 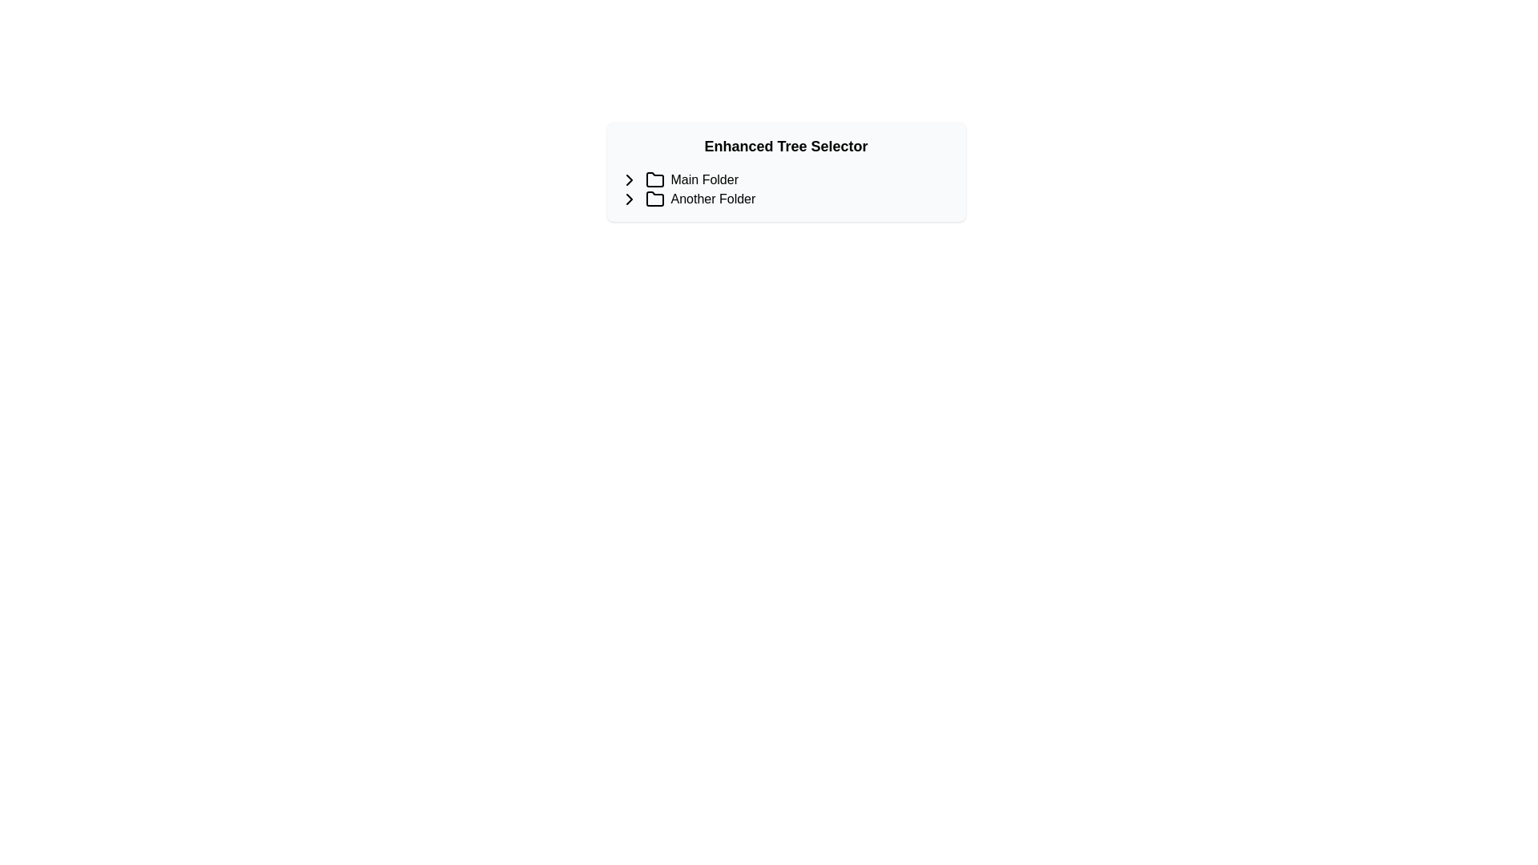 What do you see at coordinates (654, 198) in the screenshot?
I see `the second folder icon in the 'Enhanced Tree Selector' that is outlined with a black stroke and has a tabbed top-left corner` at bounding box center [654, 198].